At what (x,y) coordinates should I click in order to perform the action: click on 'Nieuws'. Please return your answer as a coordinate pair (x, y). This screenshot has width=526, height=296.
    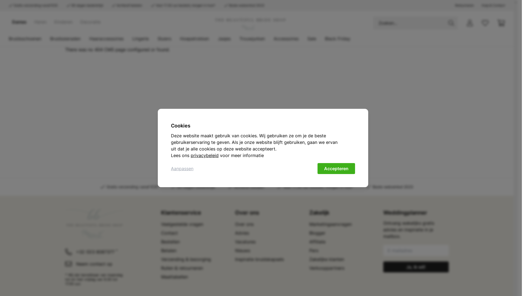
    Looking at the image, I should click on (242, 251).